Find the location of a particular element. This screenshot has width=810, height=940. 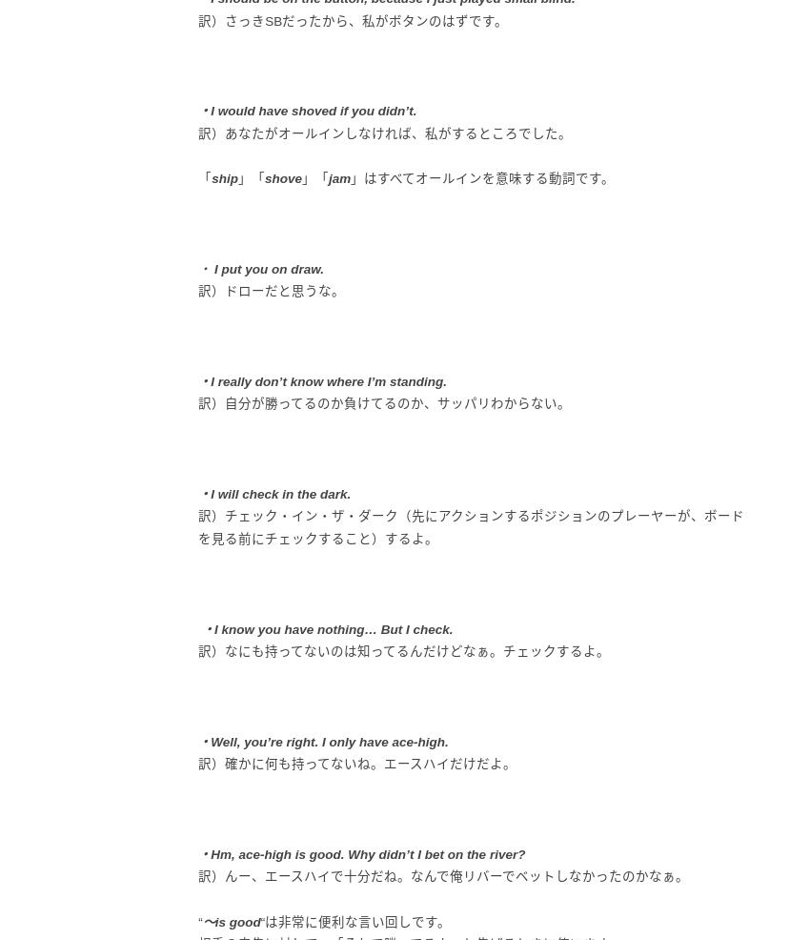

's' is located at coordinates (267, 177).